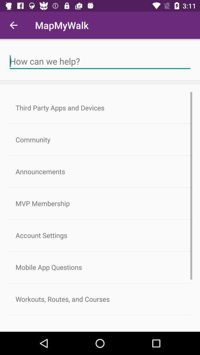 The width and height of the screenshot is (200, 355). I want to click on search for a help article, so click(100, 61).